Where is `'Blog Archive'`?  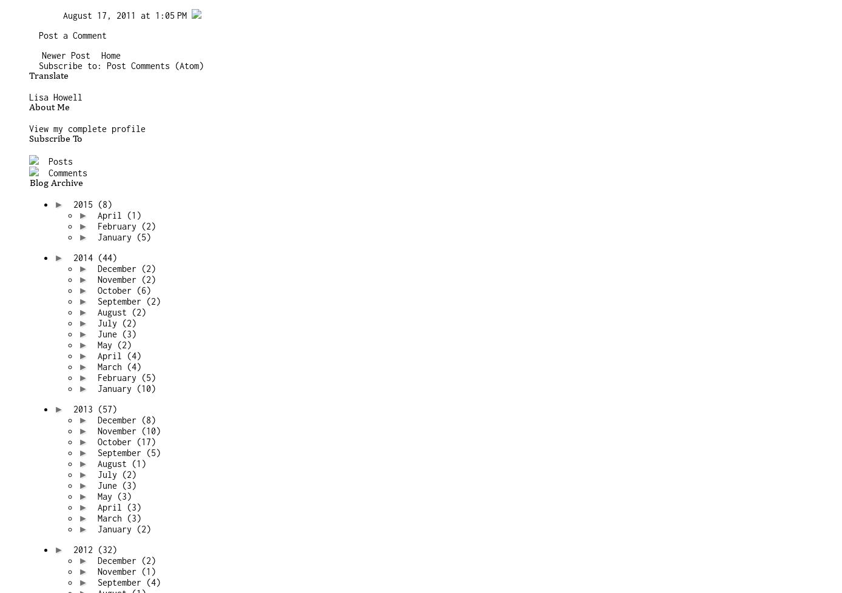
'Blog Archive' is located at coordinates (29, 184).